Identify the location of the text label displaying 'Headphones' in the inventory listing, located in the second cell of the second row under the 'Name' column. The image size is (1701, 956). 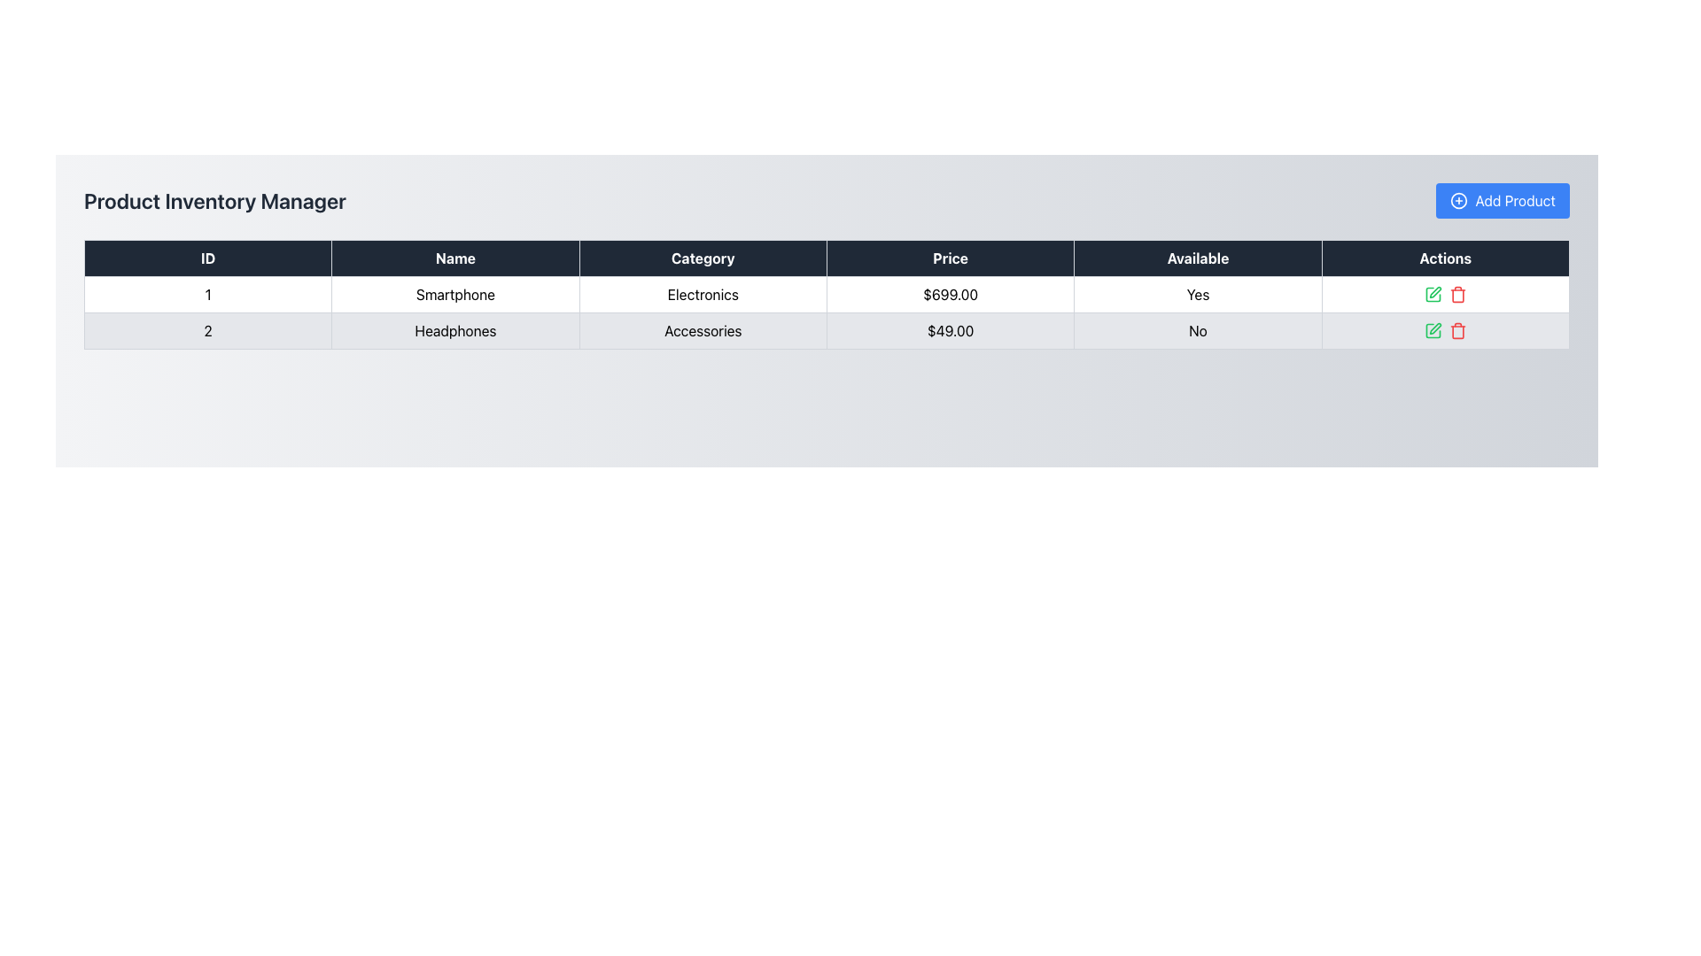
(455, 331).